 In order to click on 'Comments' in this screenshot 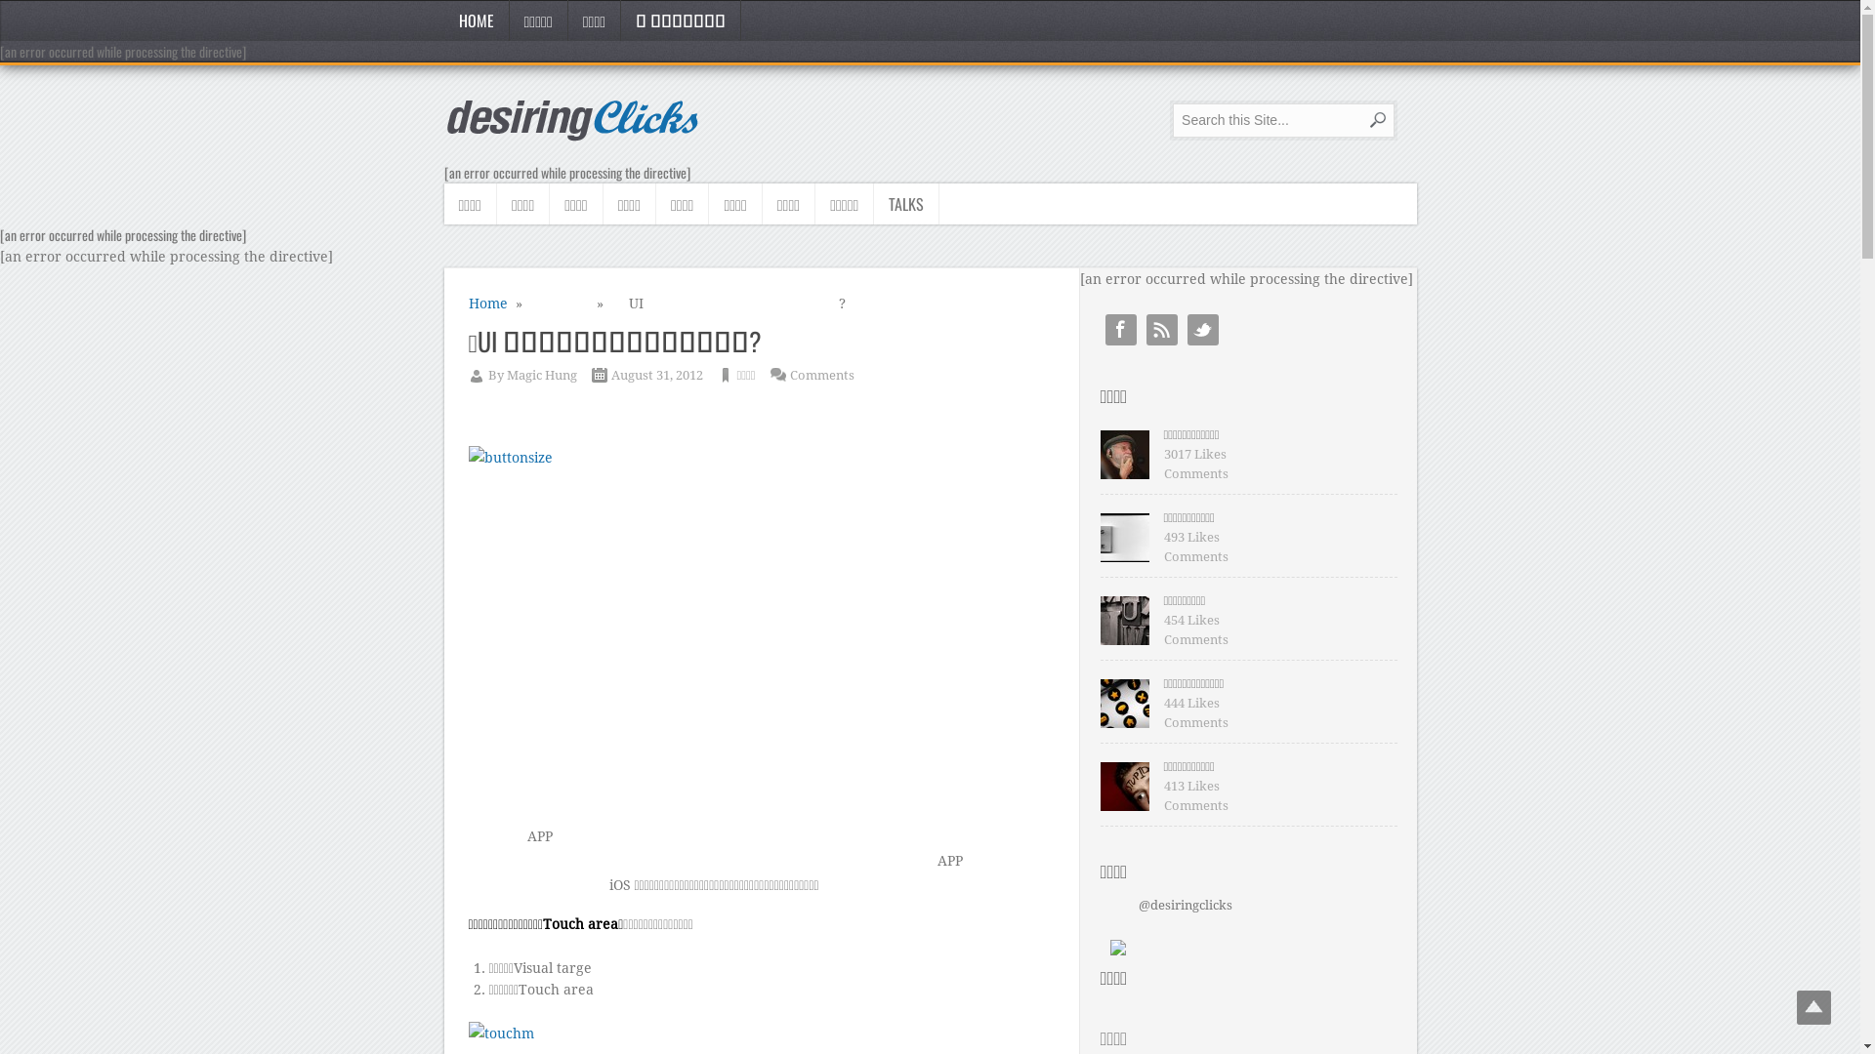, I will do `click(820, 375)`.